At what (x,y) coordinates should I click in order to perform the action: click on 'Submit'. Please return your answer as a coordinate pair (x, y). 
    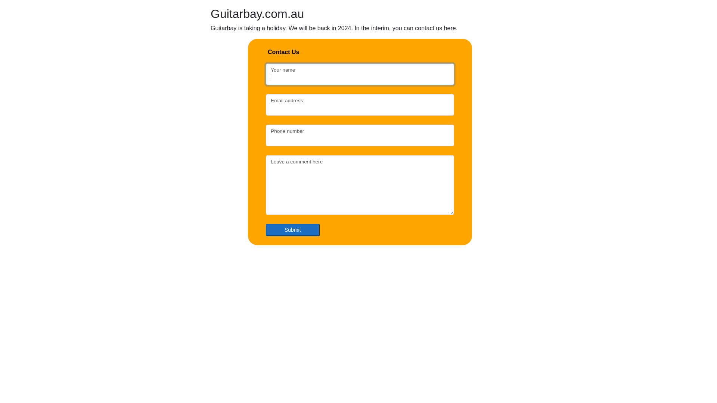
    Looking at the image, I should click on (292, 229).